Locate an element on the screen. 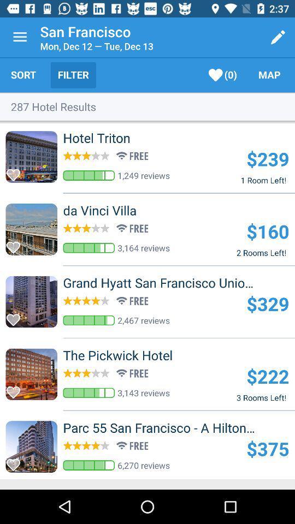 Image resolution: width=295 pixels, height=524 pixels. the icon to the left of the $222 is located at coordinates (135, 355).